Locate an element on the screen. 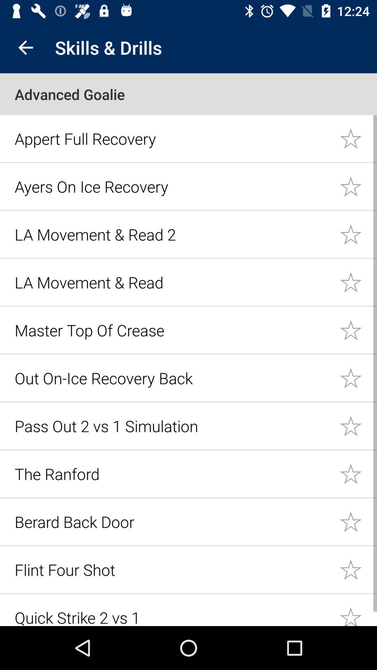  likes is located at coordinates (358, 186).